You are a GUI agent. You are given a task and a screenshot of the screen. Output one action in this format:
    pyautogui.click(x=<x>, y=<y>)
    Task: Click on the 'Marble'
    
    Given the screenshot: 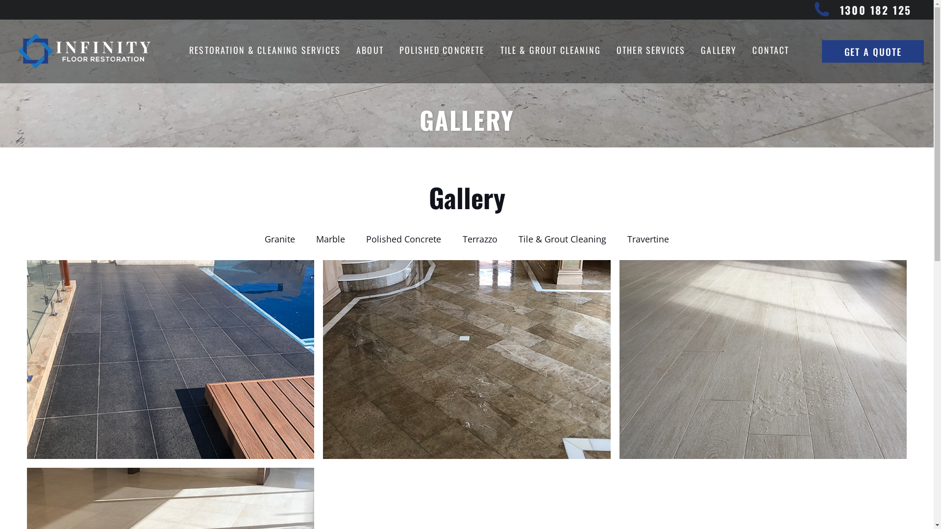 What is the action you would take?
    pyautogui.click(x=305, y=239)
    